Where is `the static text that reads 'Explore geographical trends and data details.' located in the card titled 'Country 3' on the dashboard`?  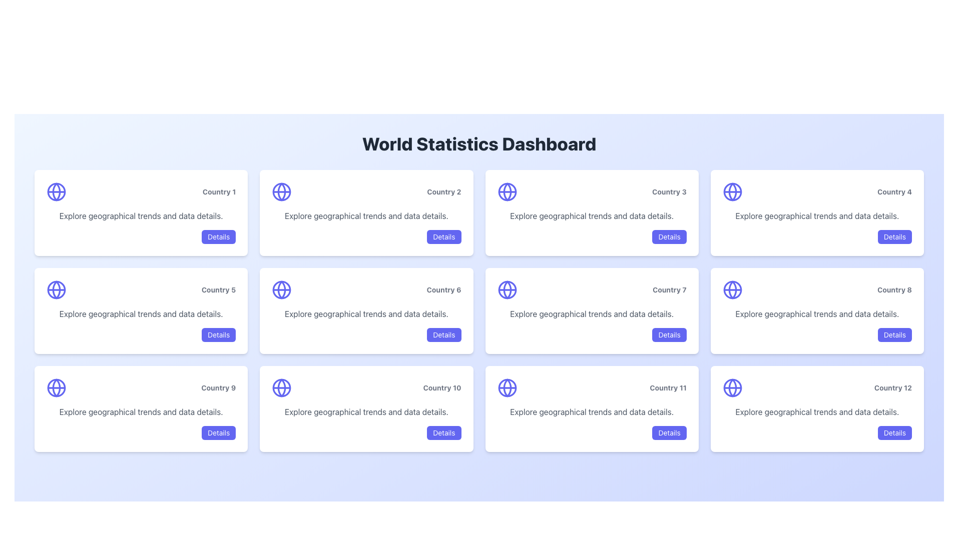 the static text that reads 'Explore geographical trends and data details.' located in the card titled 'Country 3' on the dashboard is located at coordinates (592, 215).